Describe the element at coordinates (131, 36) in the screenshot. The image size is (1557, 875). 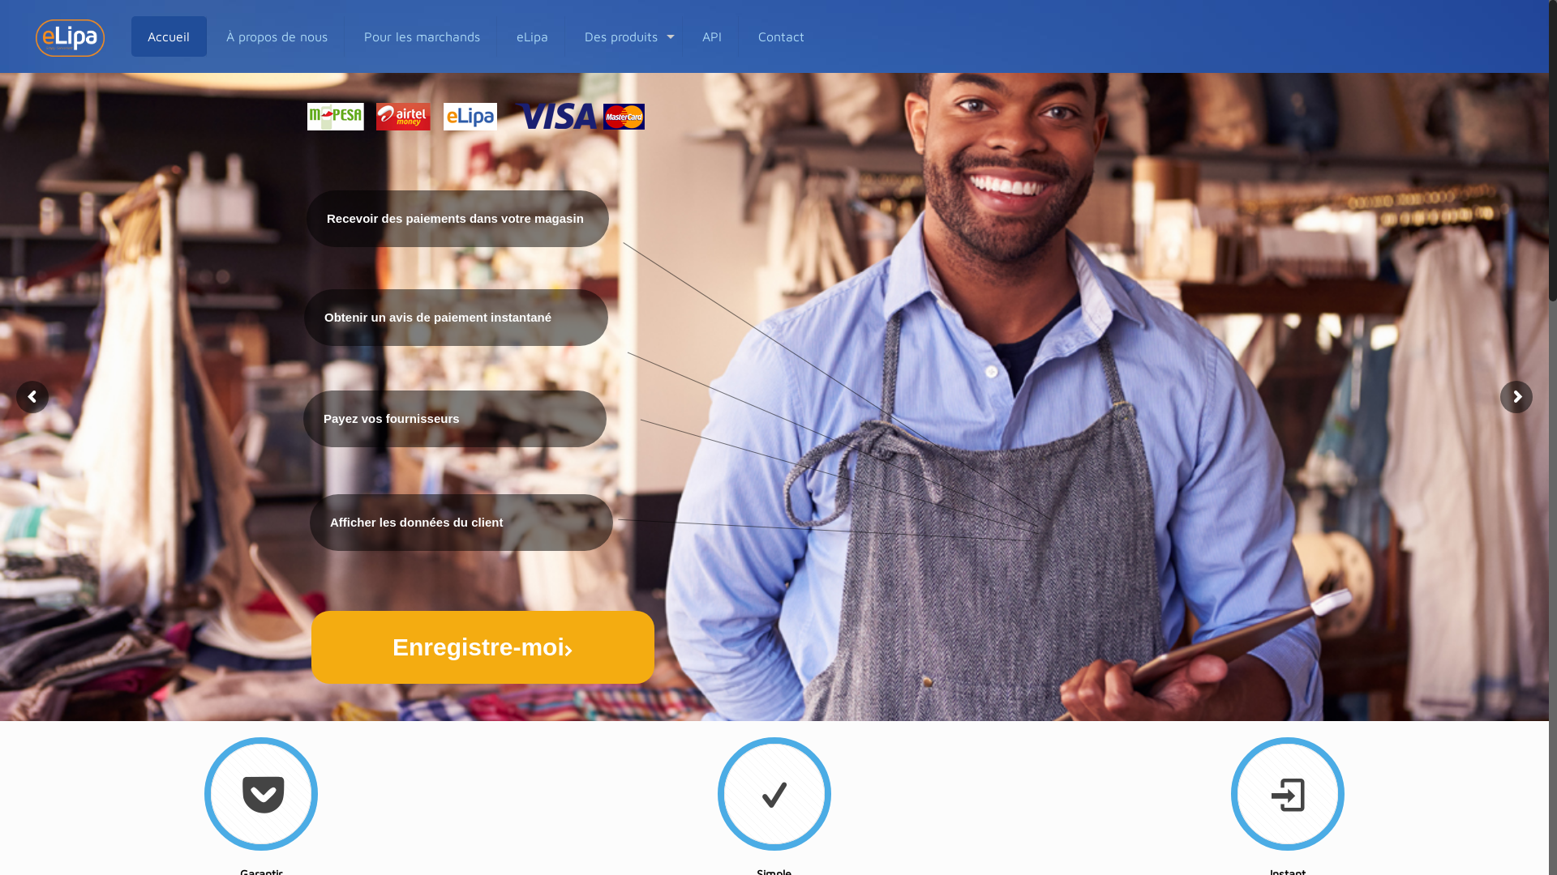
I see `'Accueil'` at that location.